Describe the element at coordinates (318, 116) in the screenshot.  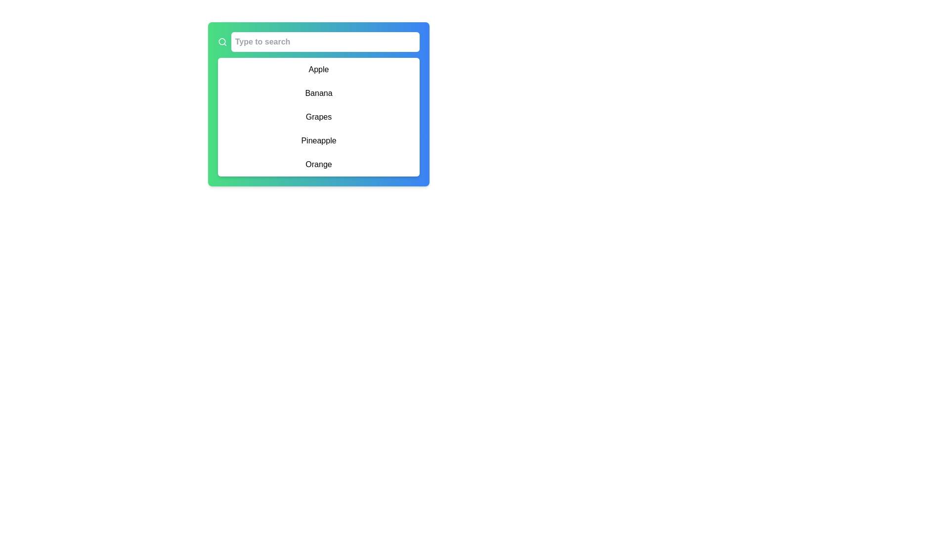
I see `the 'Grapes' text label element` at that location.